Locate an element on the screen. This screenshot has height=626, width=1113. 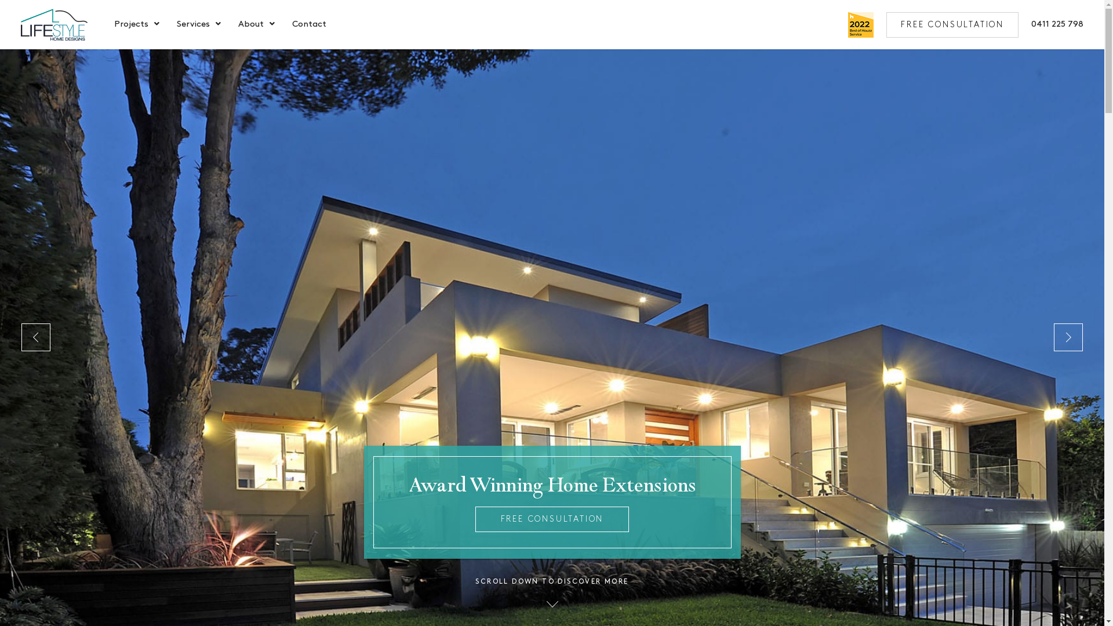
'Projects' is located at coordinates (131, 25).